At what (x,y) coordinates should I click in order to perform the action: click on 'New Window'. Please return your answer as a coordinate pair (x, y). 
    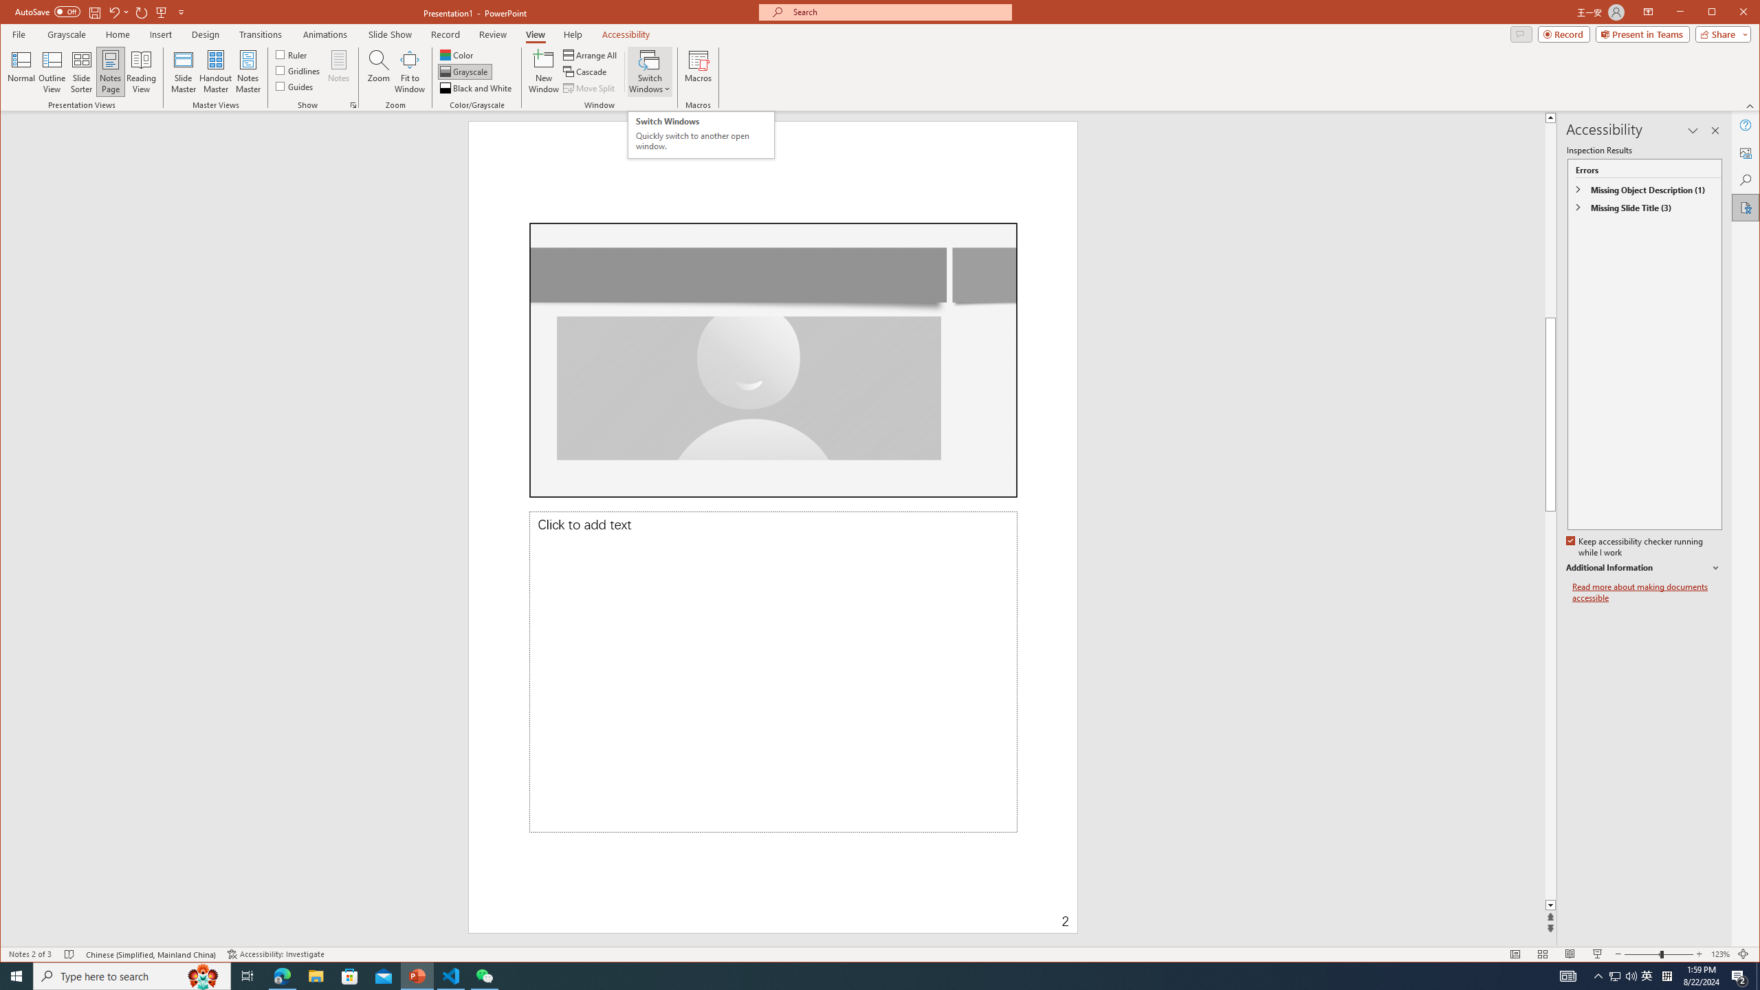
    Looking at the image, I should click on (544, 71).